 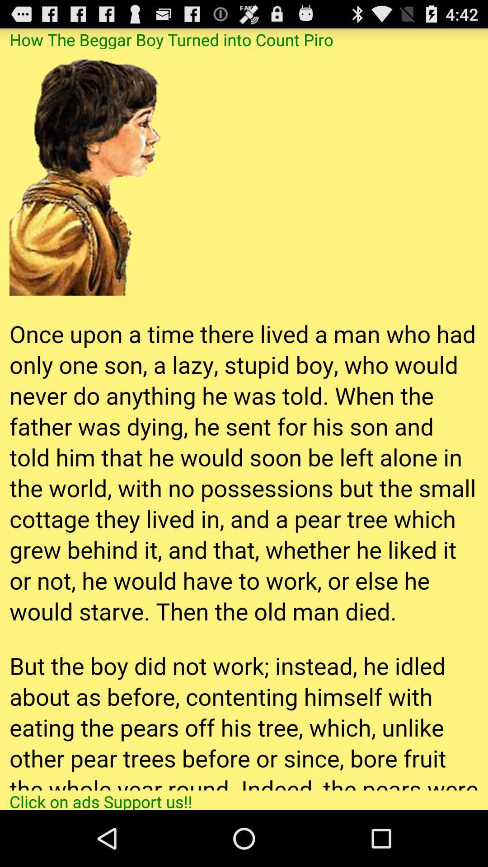 I want to click on the icon above click on ads icon, so click(x=244, y=419).